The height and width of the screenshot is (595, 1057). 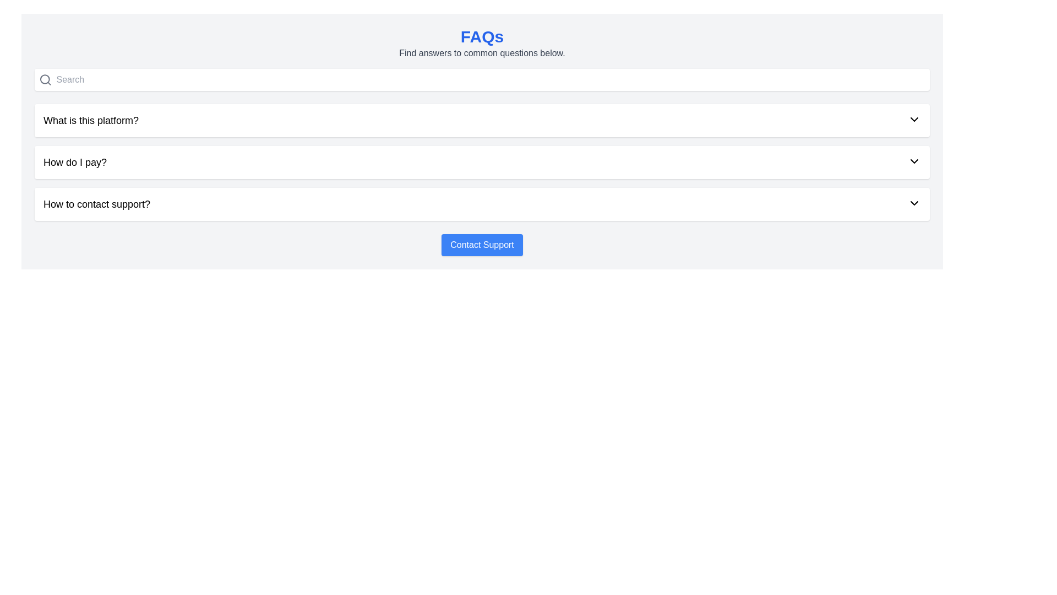 I want to click on the dropdown toggle icon located to the far right of the text 'How do I pay?' in the second row of the FAQ list, so click(x=914, y=161).